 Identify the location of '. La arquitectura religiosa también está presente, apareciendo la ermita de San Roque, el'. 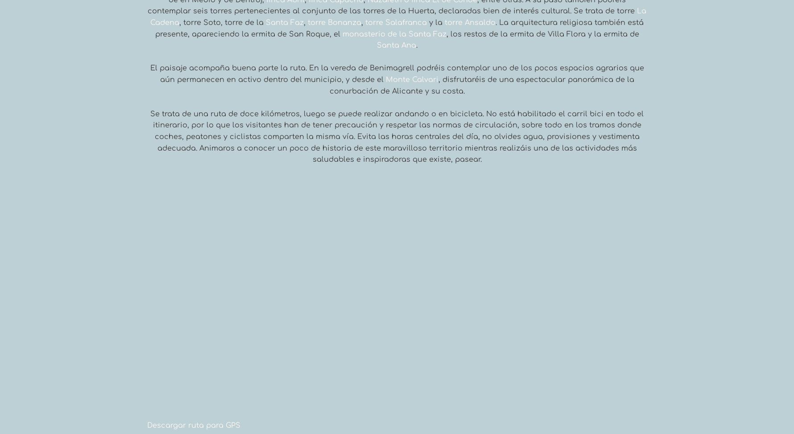
(399, 28).